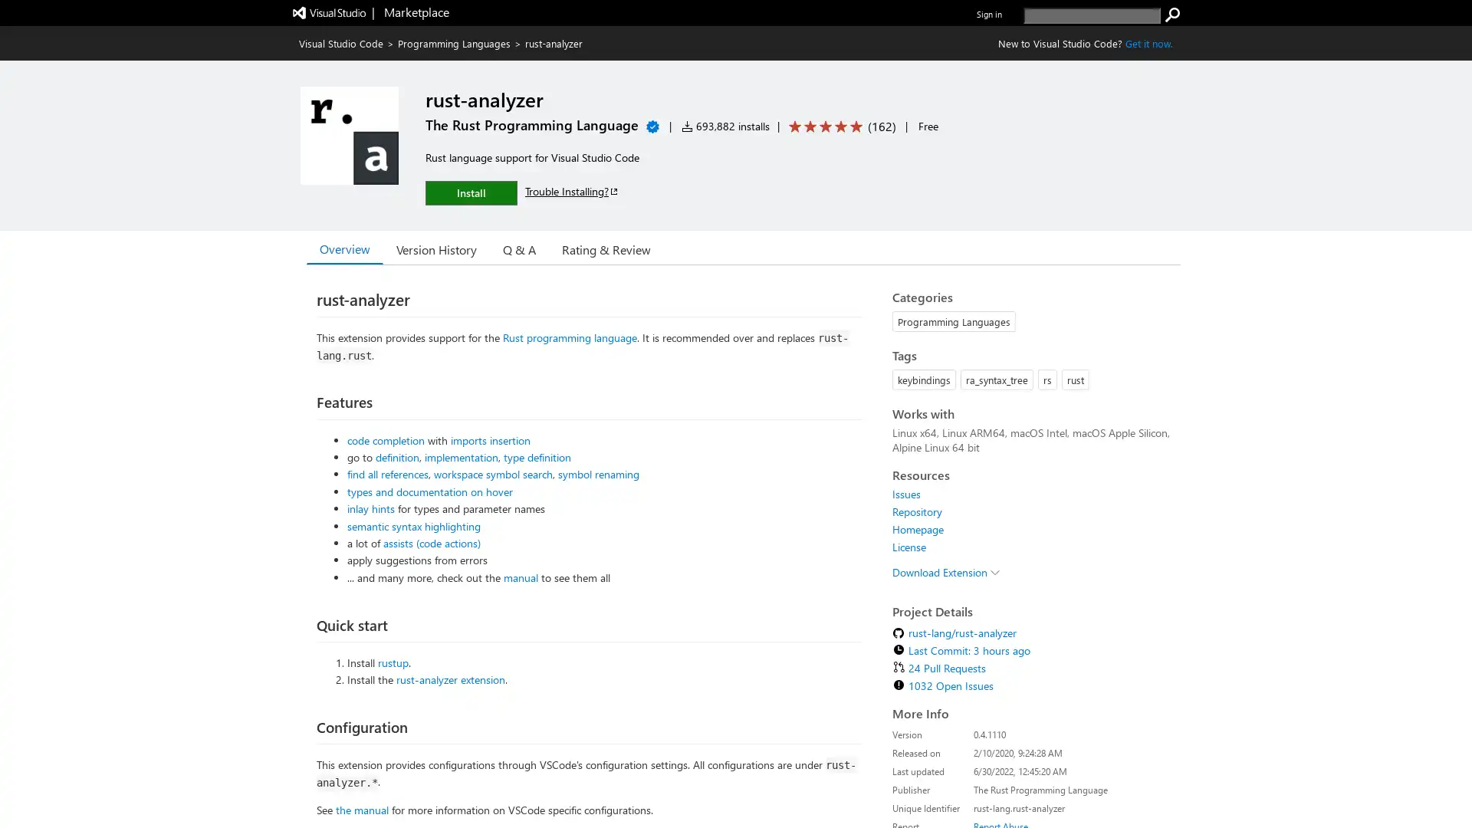  I want to click on search, so click(1172, 15).